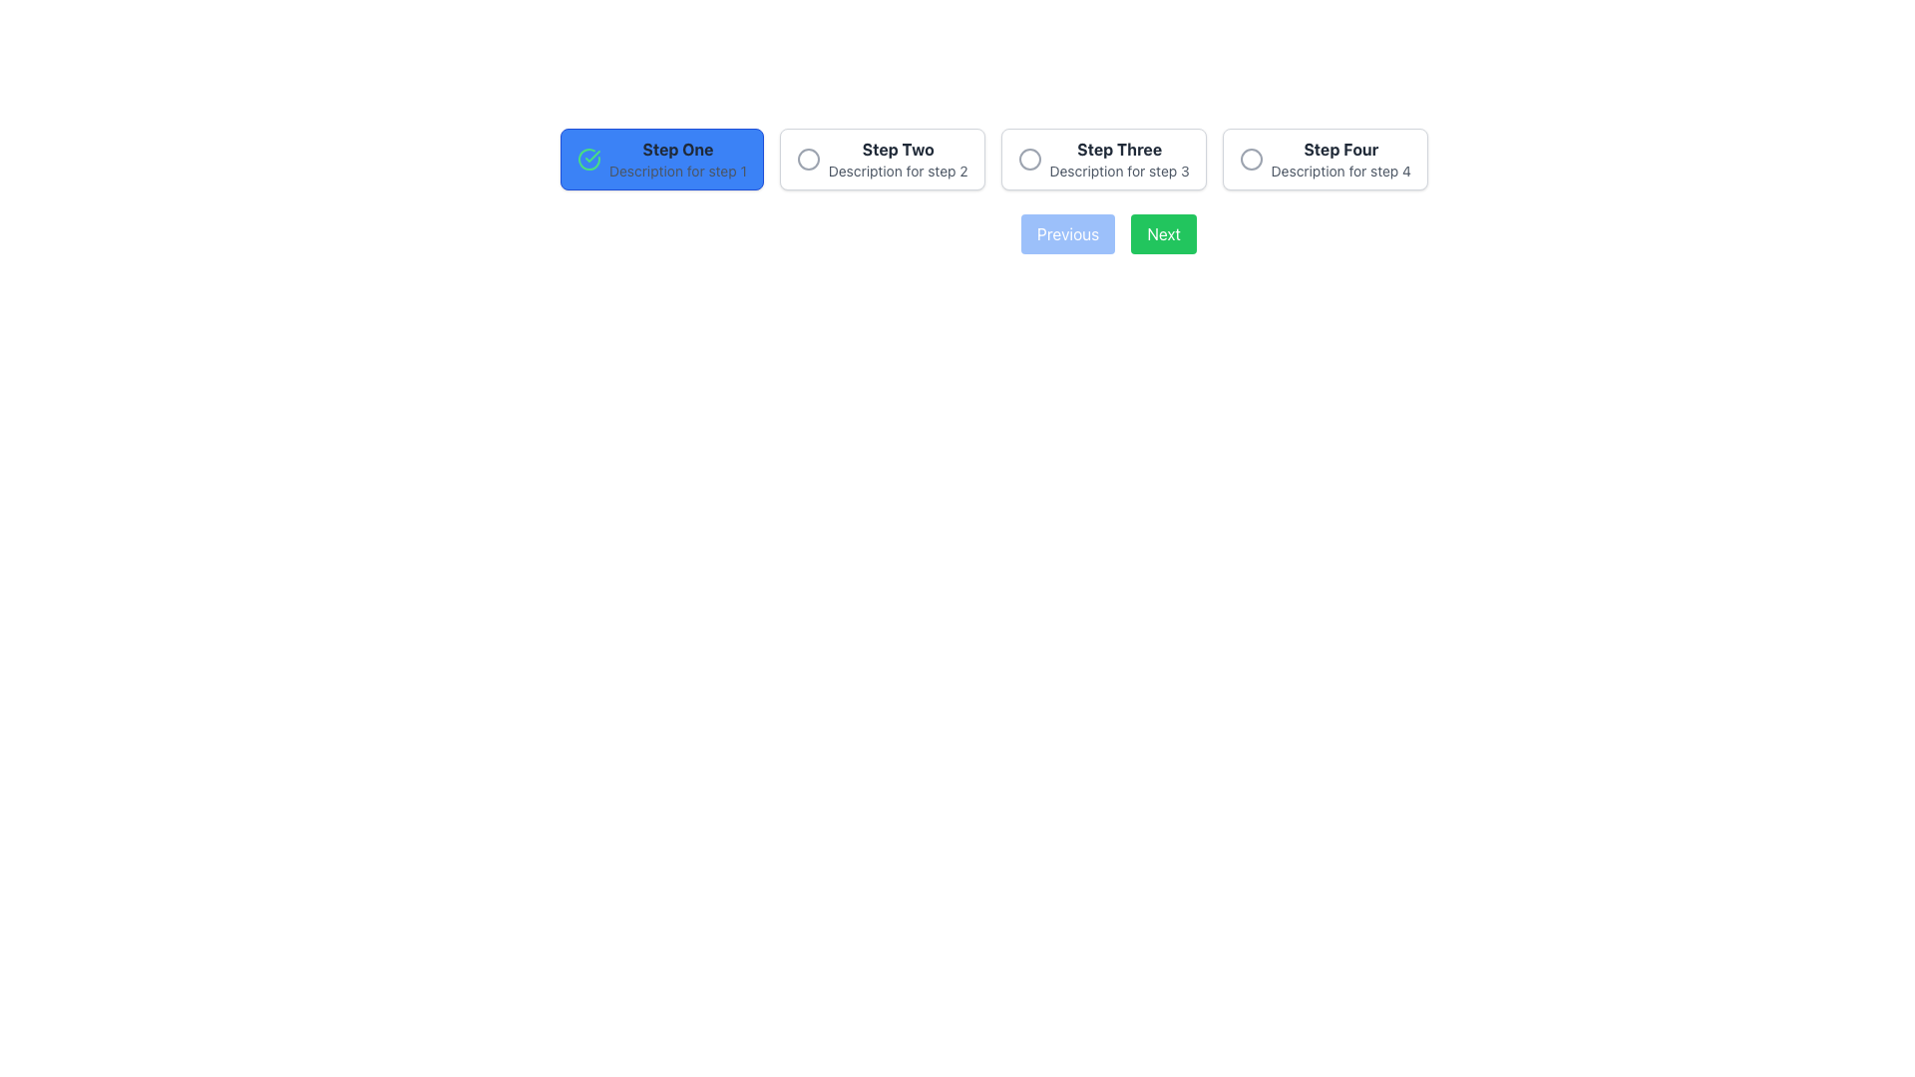 The height and width of the screenshot is (1077, 1915). Describe the element at coordinates (1340, 171) in the screenshot. I see `the content of the descriptive label providing additional context about 'Step Four', located directly beneath the bold text 'Step Four' in the multi-step process interface` at that location.